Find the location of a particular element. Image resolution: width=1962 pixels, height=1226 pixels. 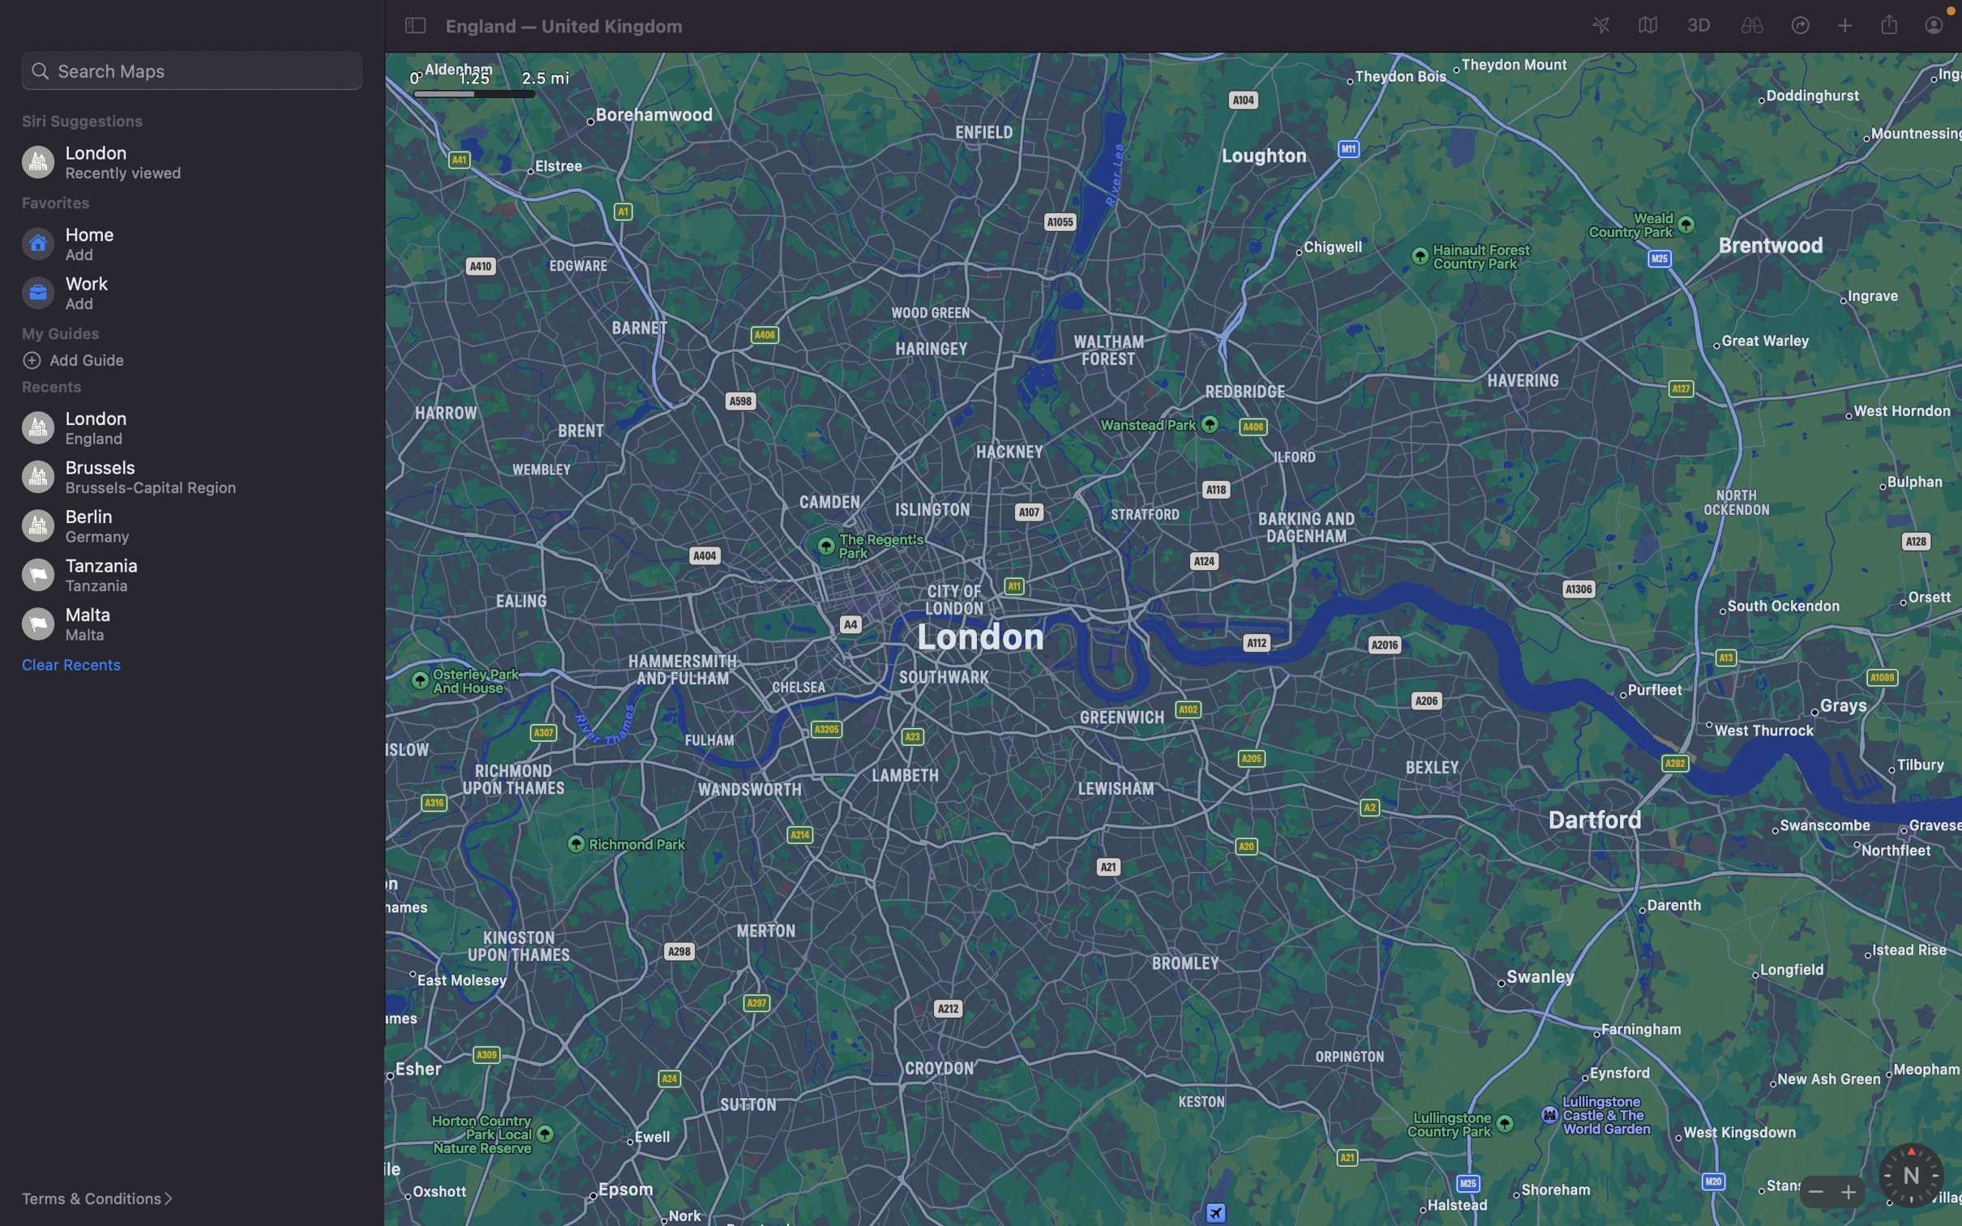

Enlarge the map view is located at coordinates (1844, 1190).